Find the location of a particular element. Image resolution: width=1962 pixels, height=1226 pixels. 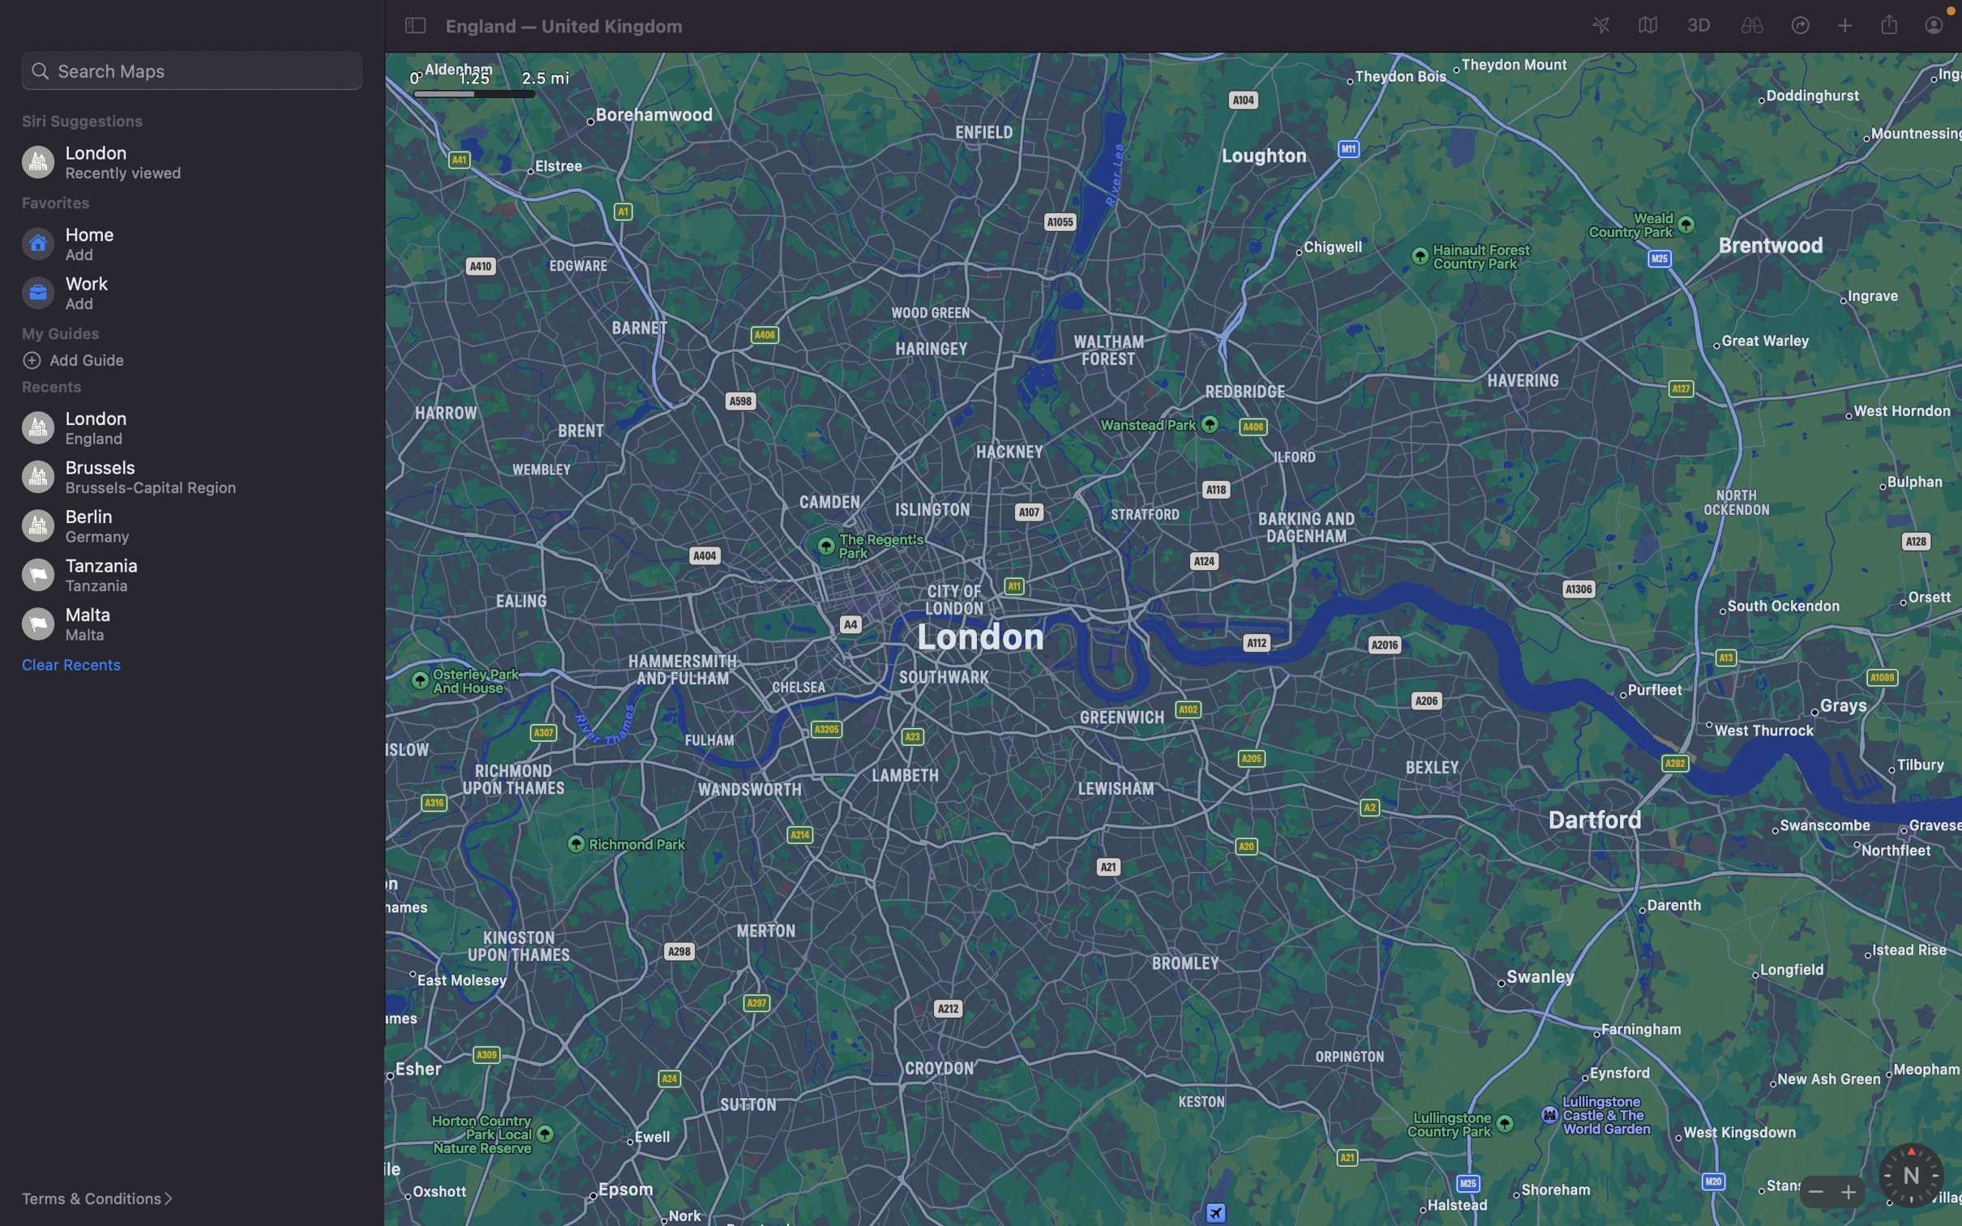

Enlarge the map view is located at coordinates (1844, 1190).